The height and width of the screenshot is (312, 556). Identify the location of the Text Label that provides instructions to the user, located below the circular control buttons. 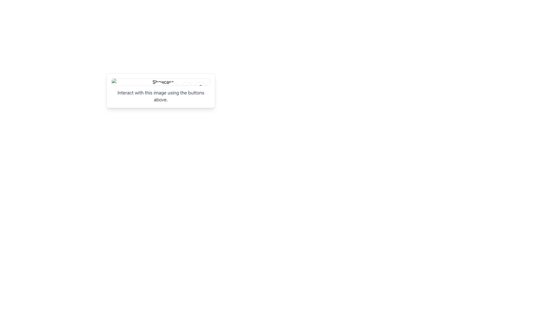
(161, 96).